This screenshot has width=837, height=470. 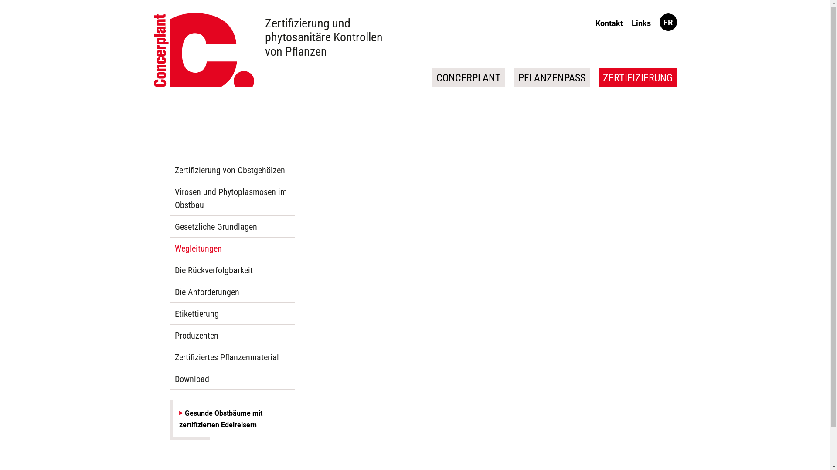 I want to click on 'Links', so click(x=640, y=23).